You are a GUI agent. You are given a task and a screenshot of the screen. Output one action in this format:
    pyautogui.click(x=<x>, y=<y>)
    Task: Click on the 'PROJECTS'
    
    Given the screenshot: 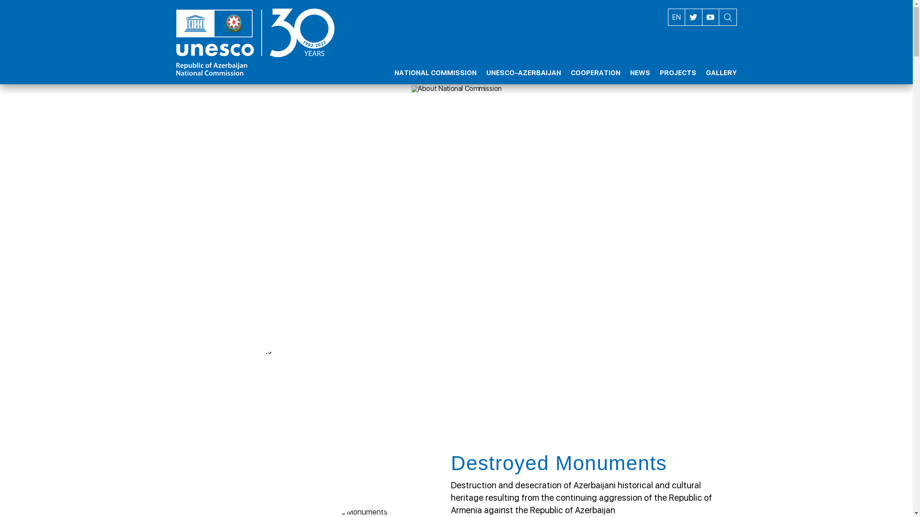 What is the action you would take?
    pyautogui.click(x=677, y=65)
    